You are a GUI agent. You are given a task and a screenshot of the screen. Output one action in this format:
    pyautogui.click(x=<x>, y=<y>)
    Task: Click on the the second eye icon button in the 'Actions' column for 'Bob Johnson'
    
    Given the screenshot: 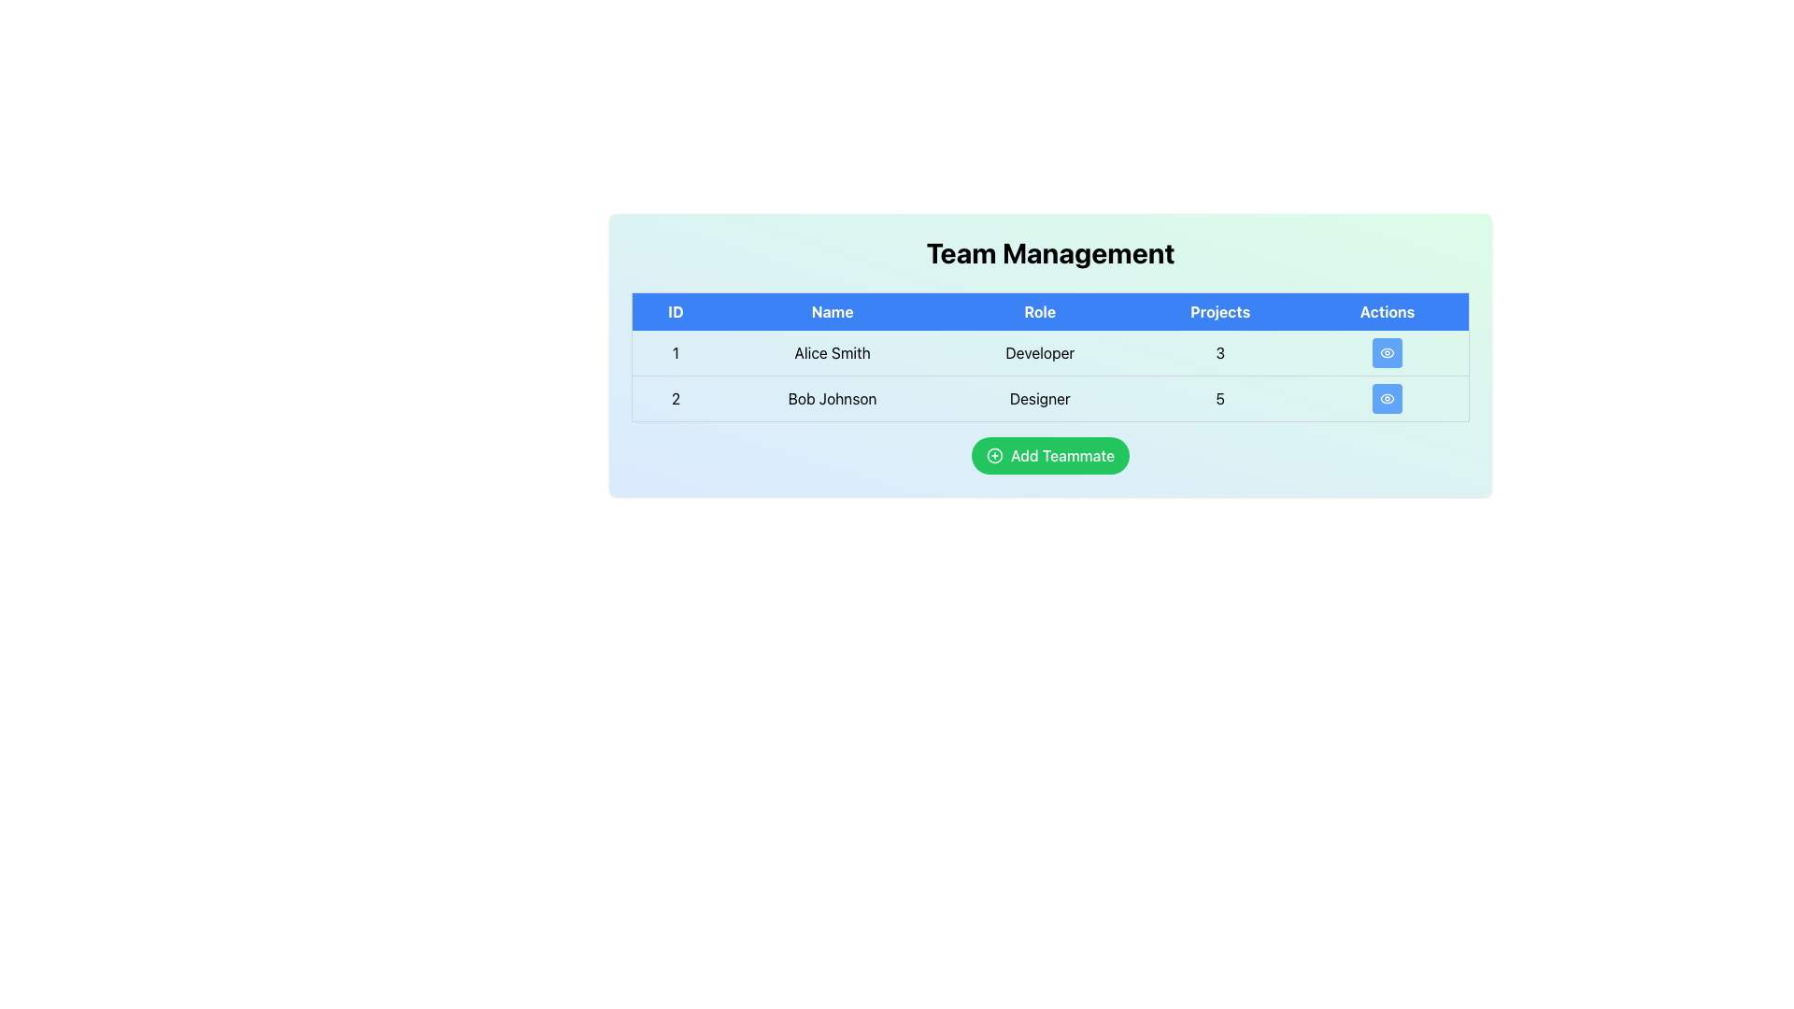 What is the action you would take?
    pyautogui.click(x=1388, y=398)
    